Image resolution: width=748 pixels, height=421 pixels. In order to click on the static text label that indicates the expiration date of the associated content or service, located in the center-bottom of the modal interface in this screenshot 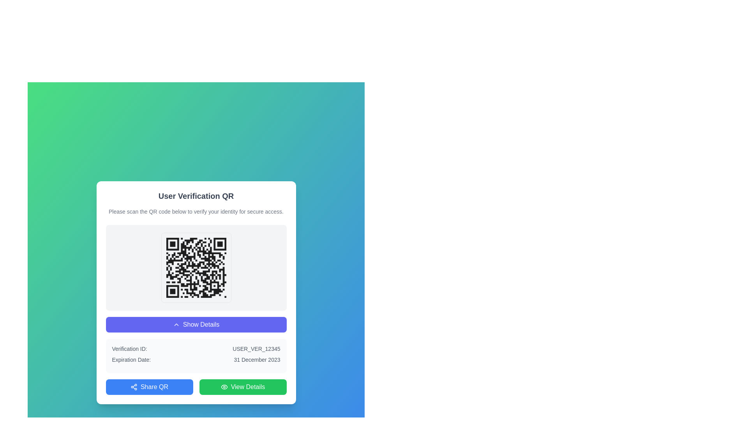, I will do `click(257, 359)`.